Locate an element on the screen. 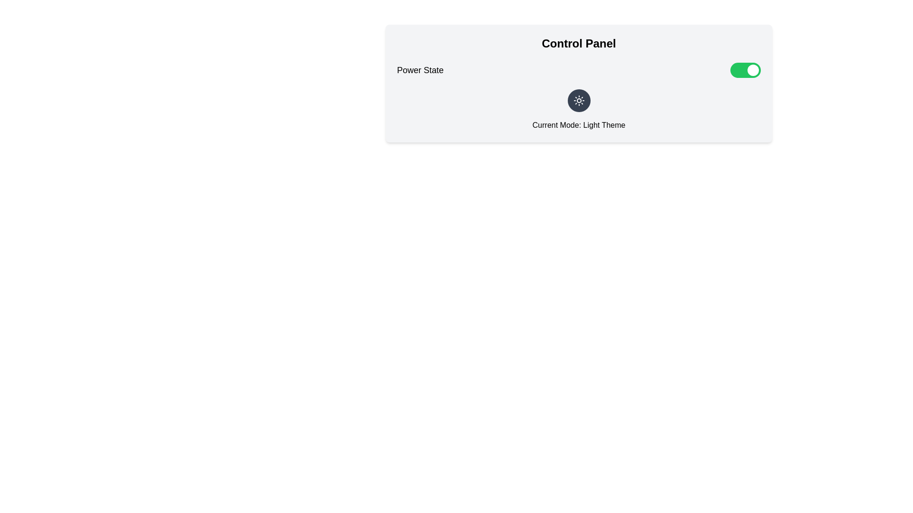 The height and width of the screenshot is (513, 913). the static text label that indicates the function of the adjacent toggle switch, located to the left of the toggle switch and aligned horizontally with other elements is located at coordinates (419, 69).